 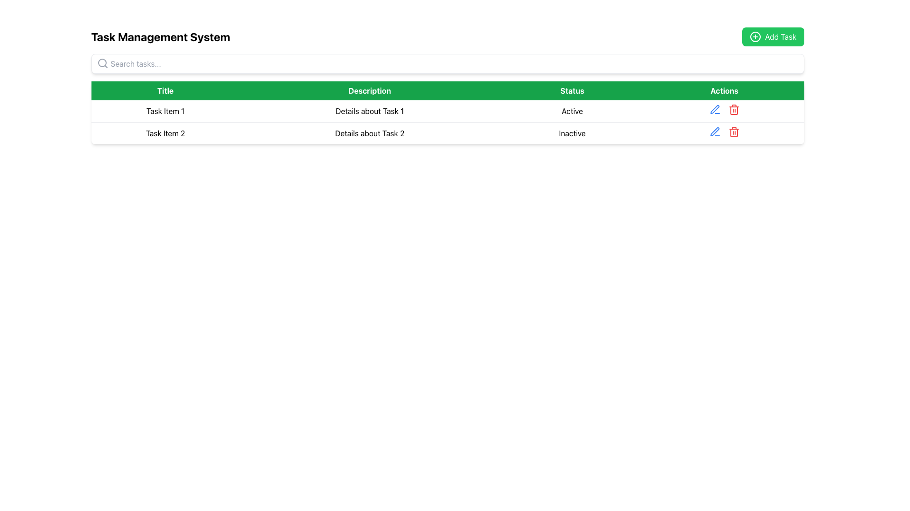 I want to click on the red trashcan icon-based button, so click(x=733, y=132).